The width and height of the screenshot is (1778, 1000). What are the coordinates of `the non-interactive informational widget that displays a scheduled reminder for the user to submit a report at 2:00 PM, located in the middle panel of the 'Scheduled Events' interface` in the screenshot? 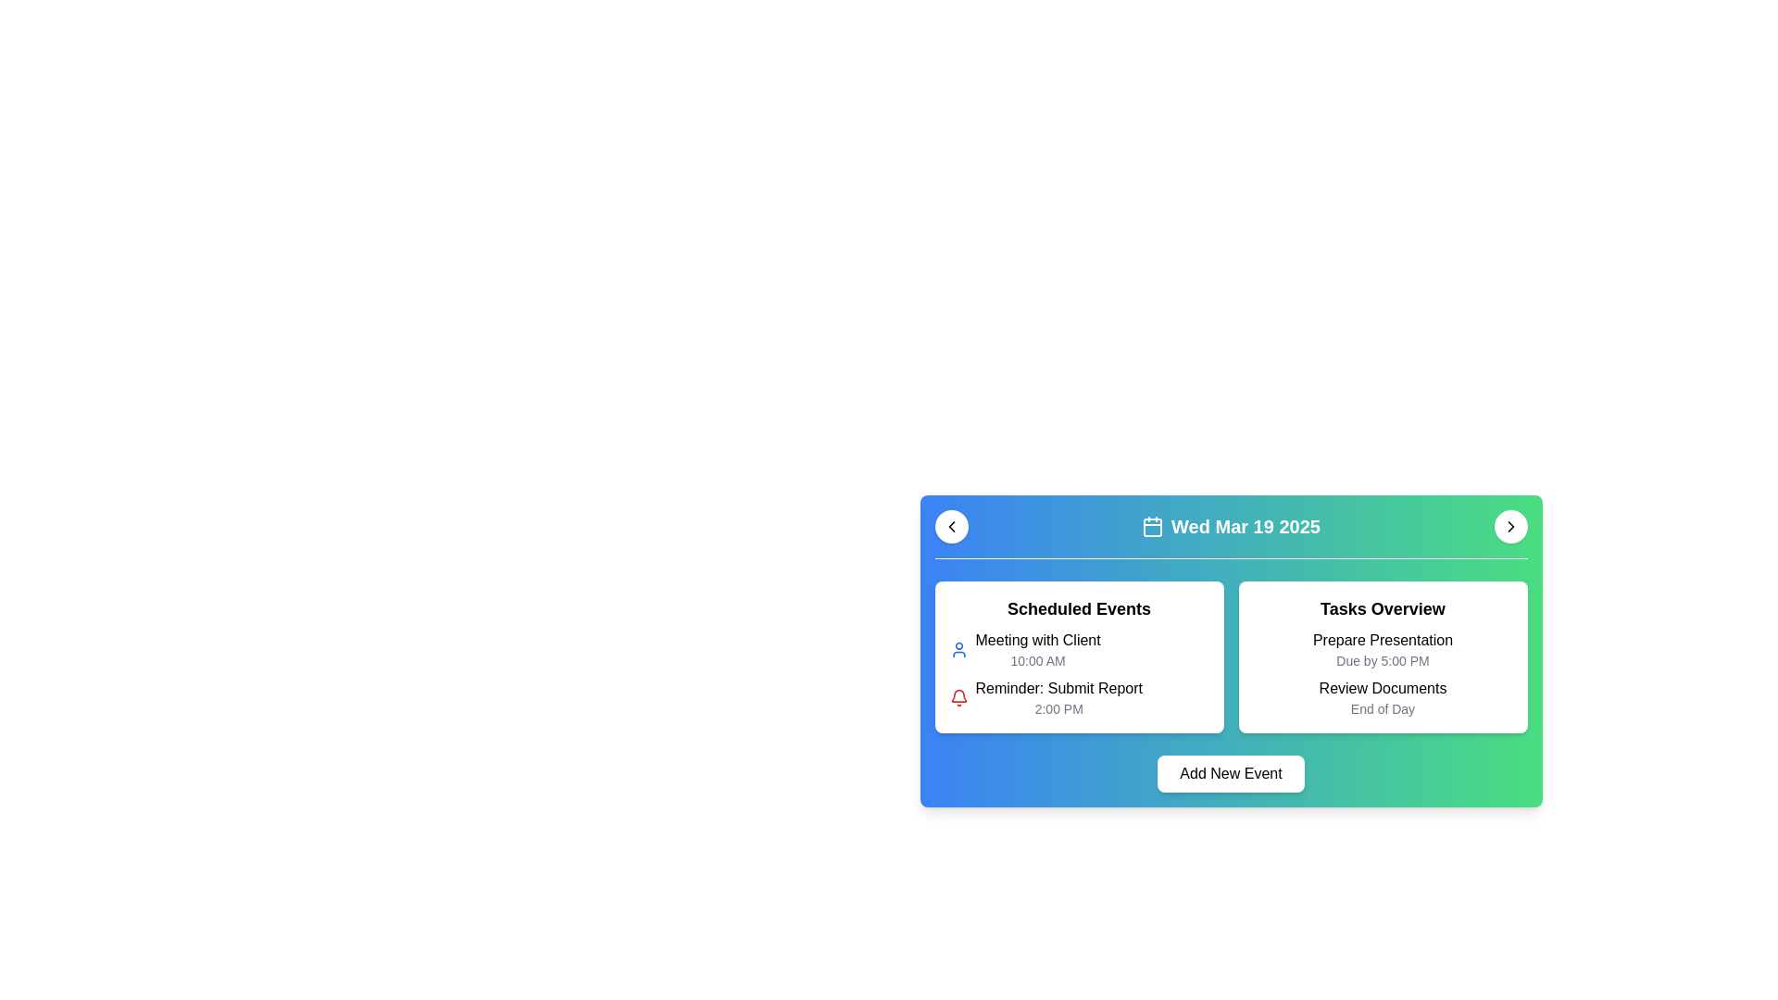 It's located at (1058, 697).